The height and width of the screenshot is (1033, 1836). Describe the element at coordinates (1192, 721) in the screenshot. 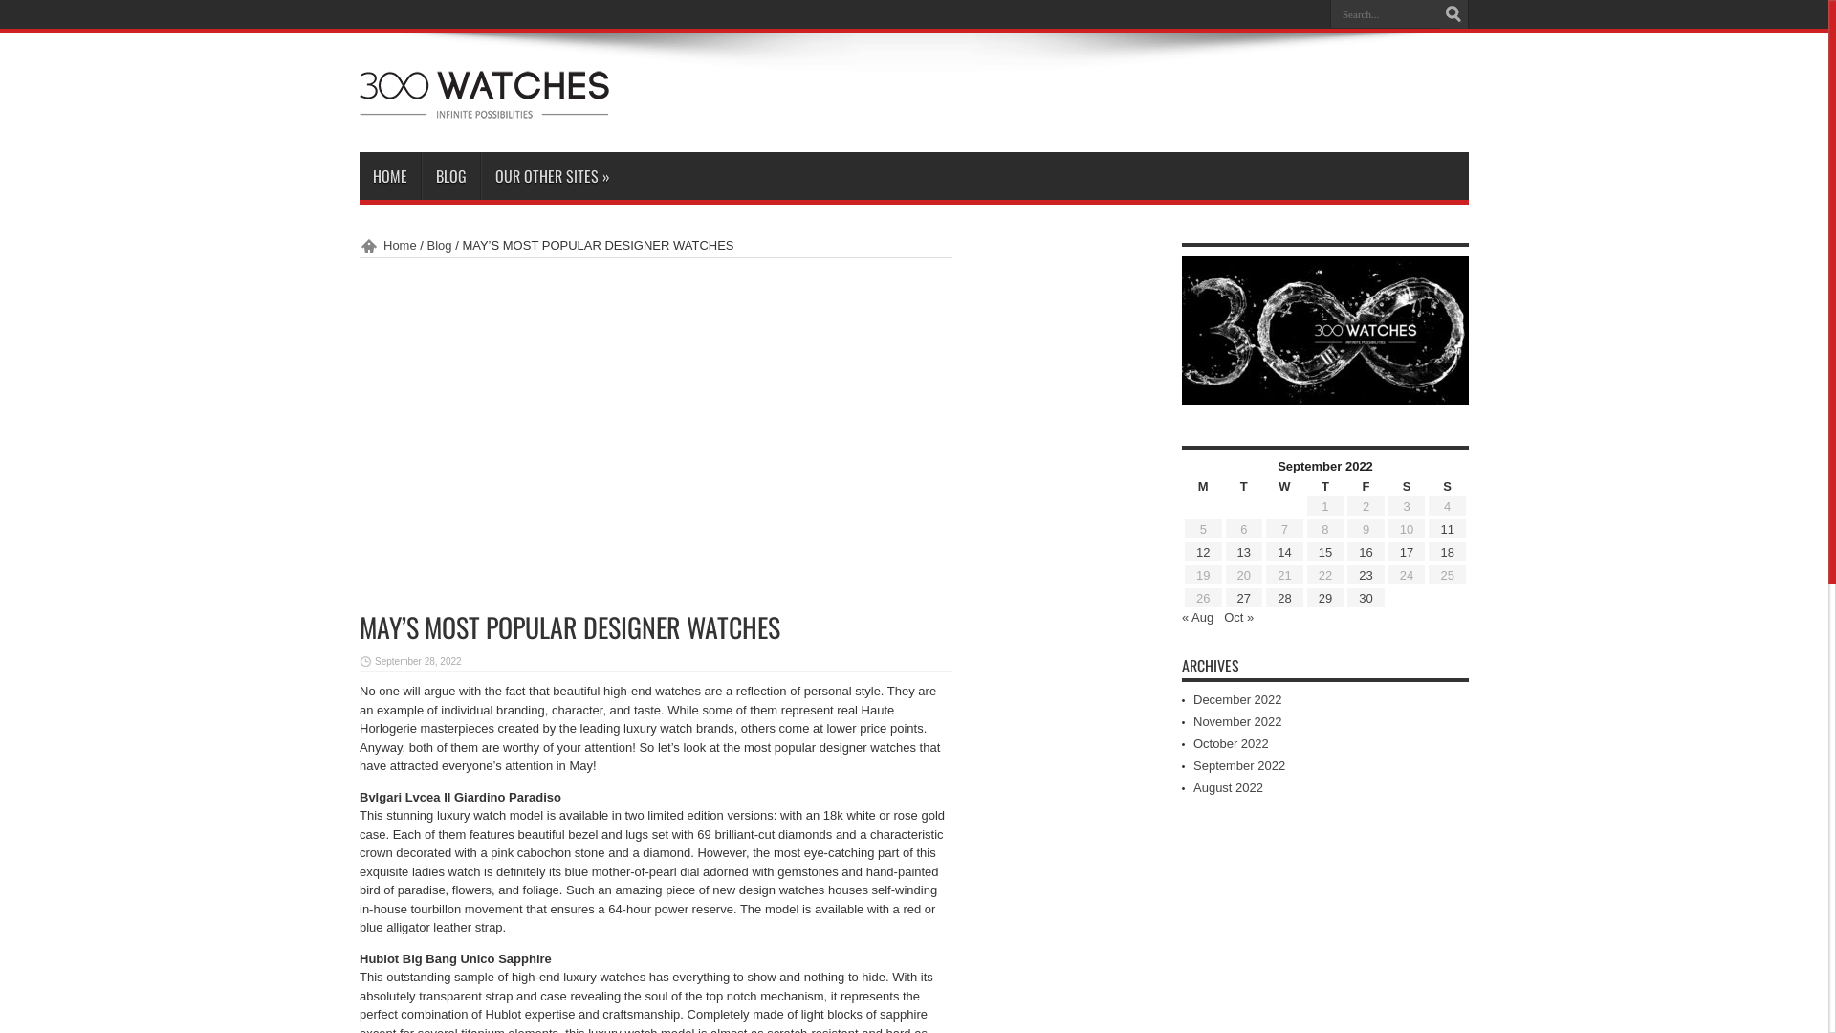

I see `'November 2022'` at that location.